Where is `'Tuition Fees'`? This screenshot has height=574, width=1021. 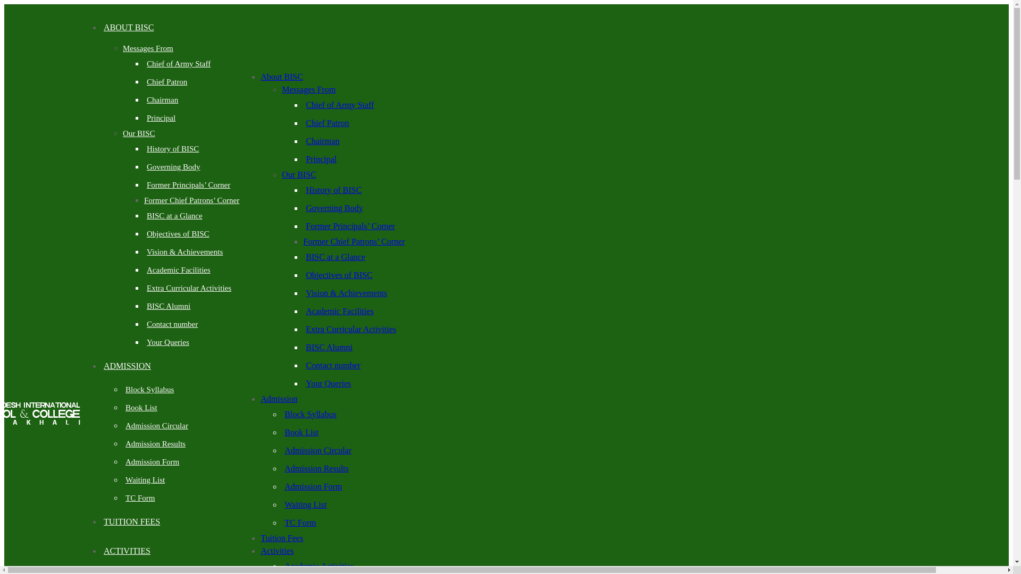
'Tuition Fees' is located at coordinates (281, 538).